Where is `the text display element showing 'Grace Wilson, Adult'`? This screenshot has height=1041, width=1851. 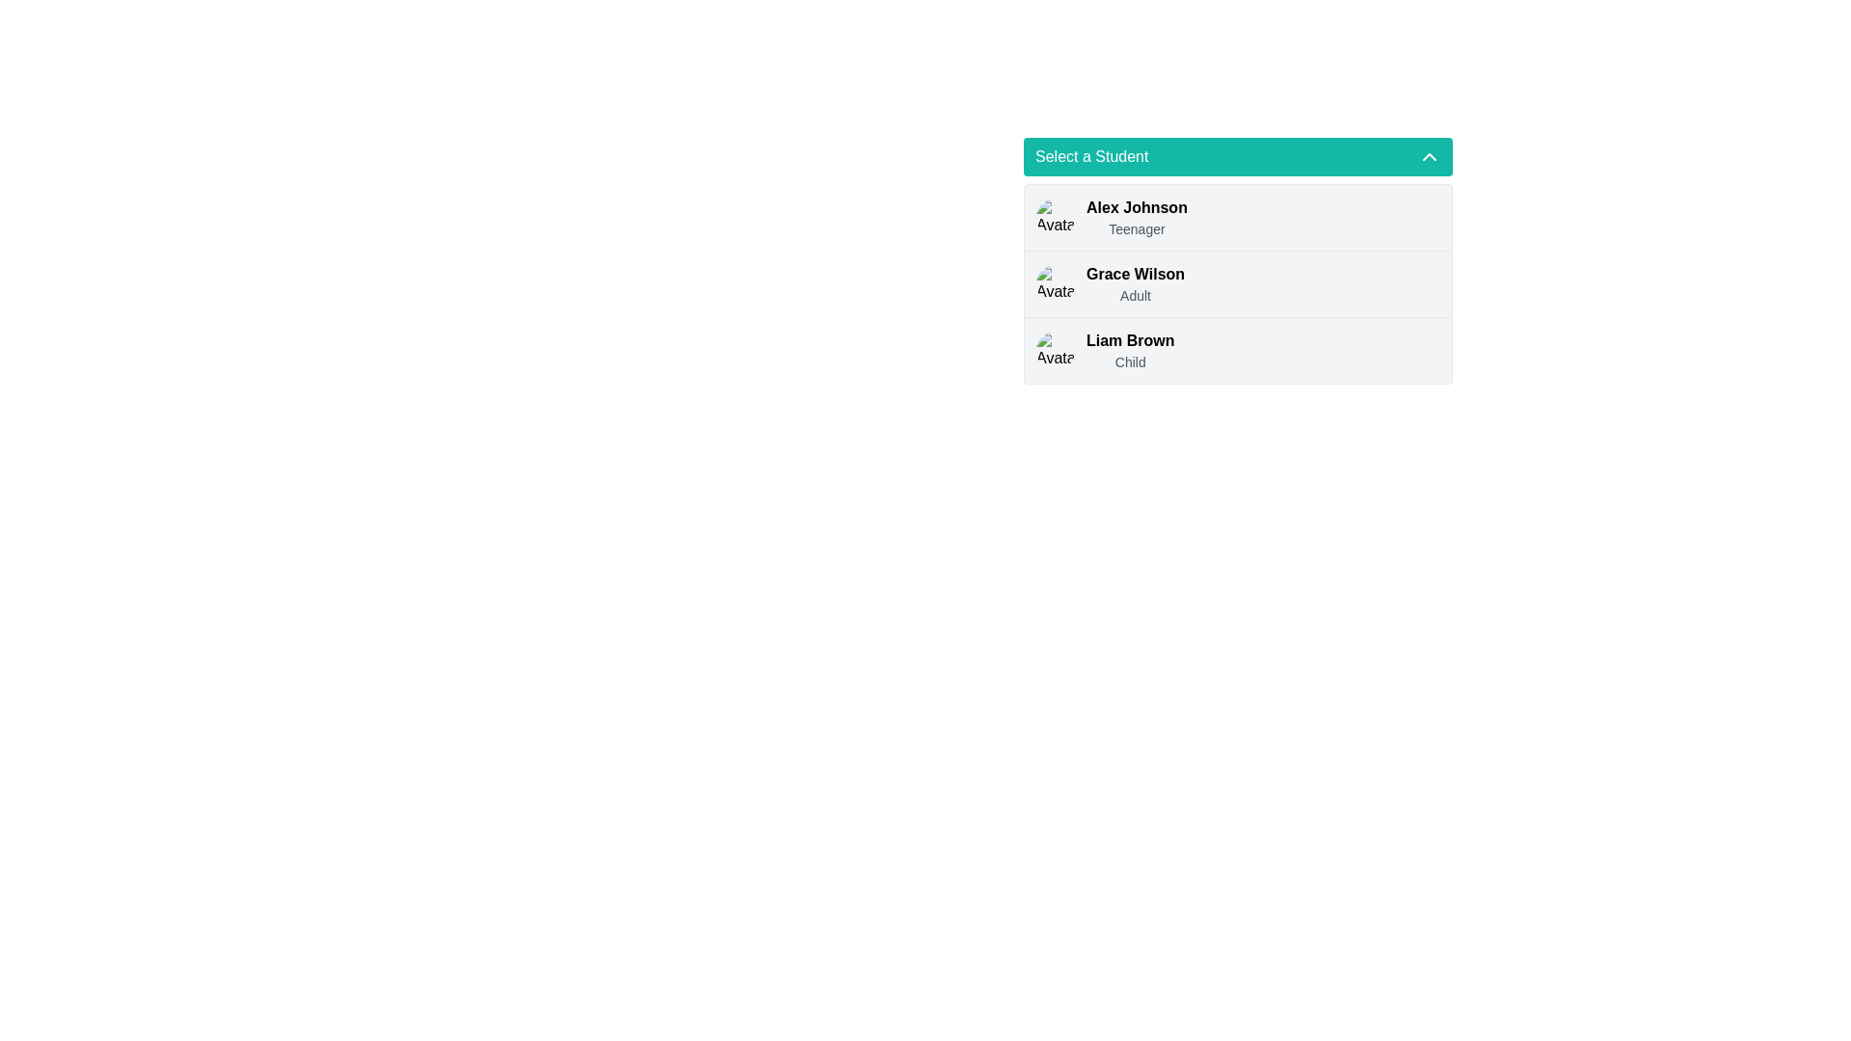
the text display element showing 'Grace Wilson, Adult' is located at coordinates (1136, 283).